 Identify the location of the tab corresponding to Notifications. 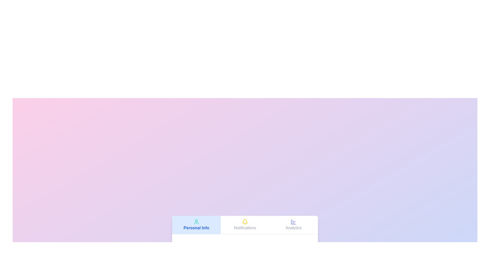
(245, 224).